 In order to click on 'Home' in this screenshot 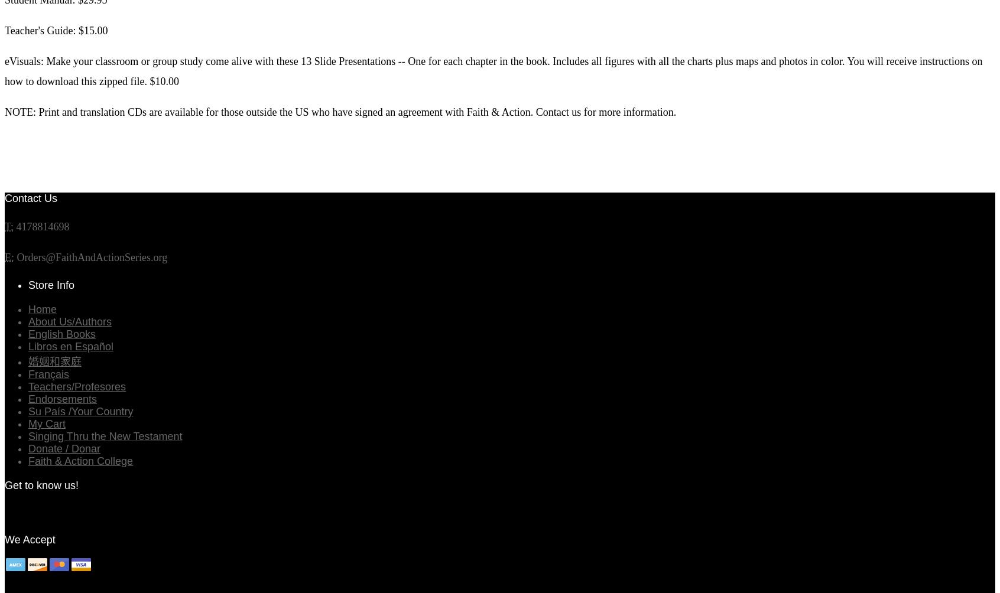, I will do `click(43, 308)`.